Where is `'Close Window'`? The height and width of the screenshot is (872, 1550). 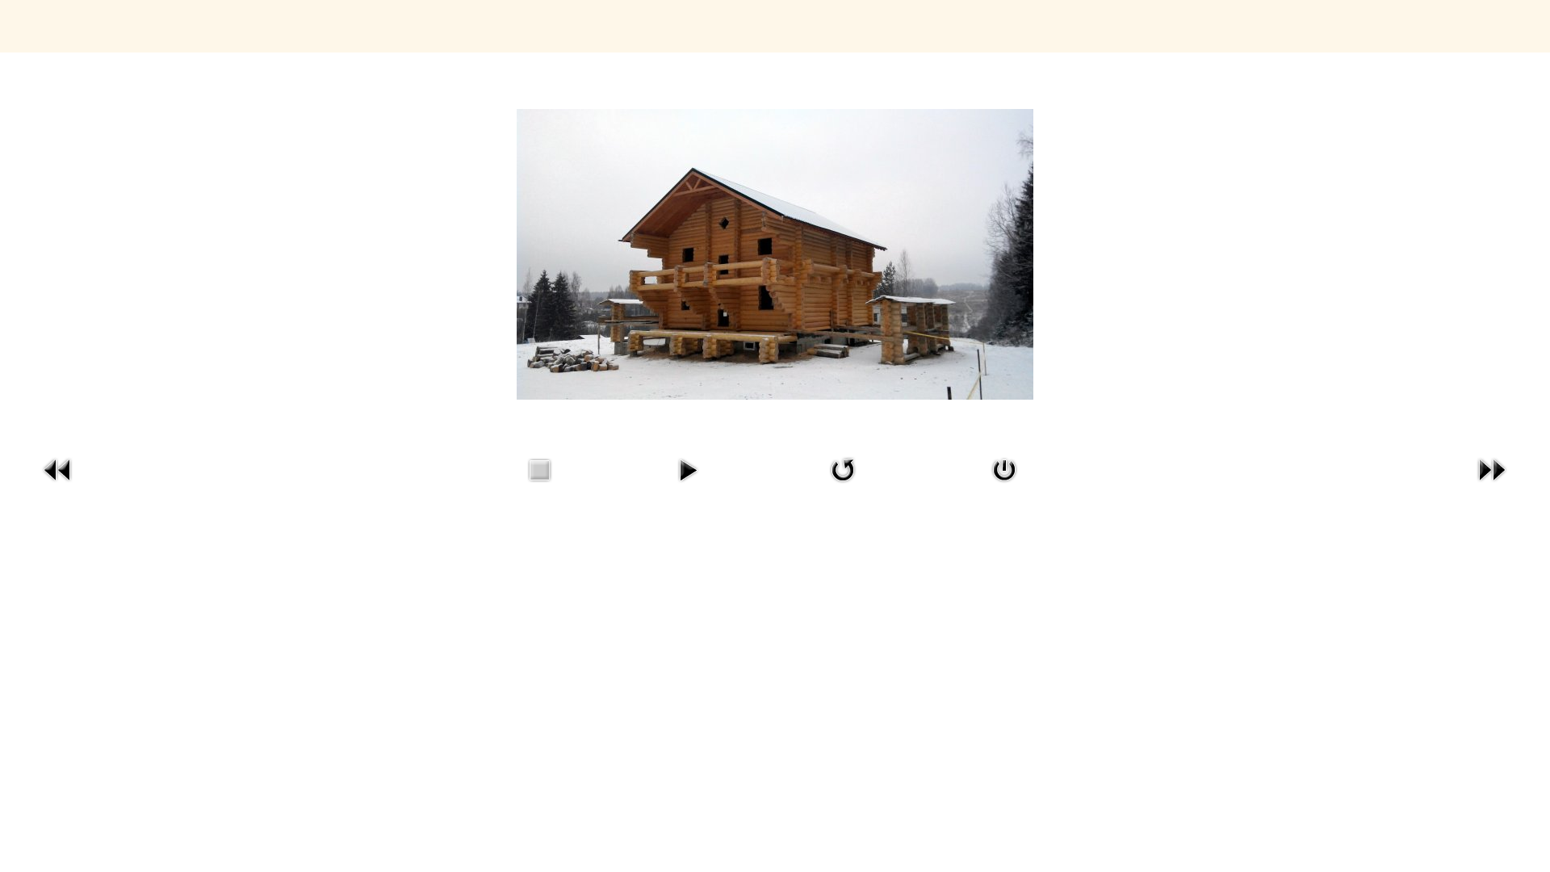
'Close Window' is located at coordinates (1003, 484).